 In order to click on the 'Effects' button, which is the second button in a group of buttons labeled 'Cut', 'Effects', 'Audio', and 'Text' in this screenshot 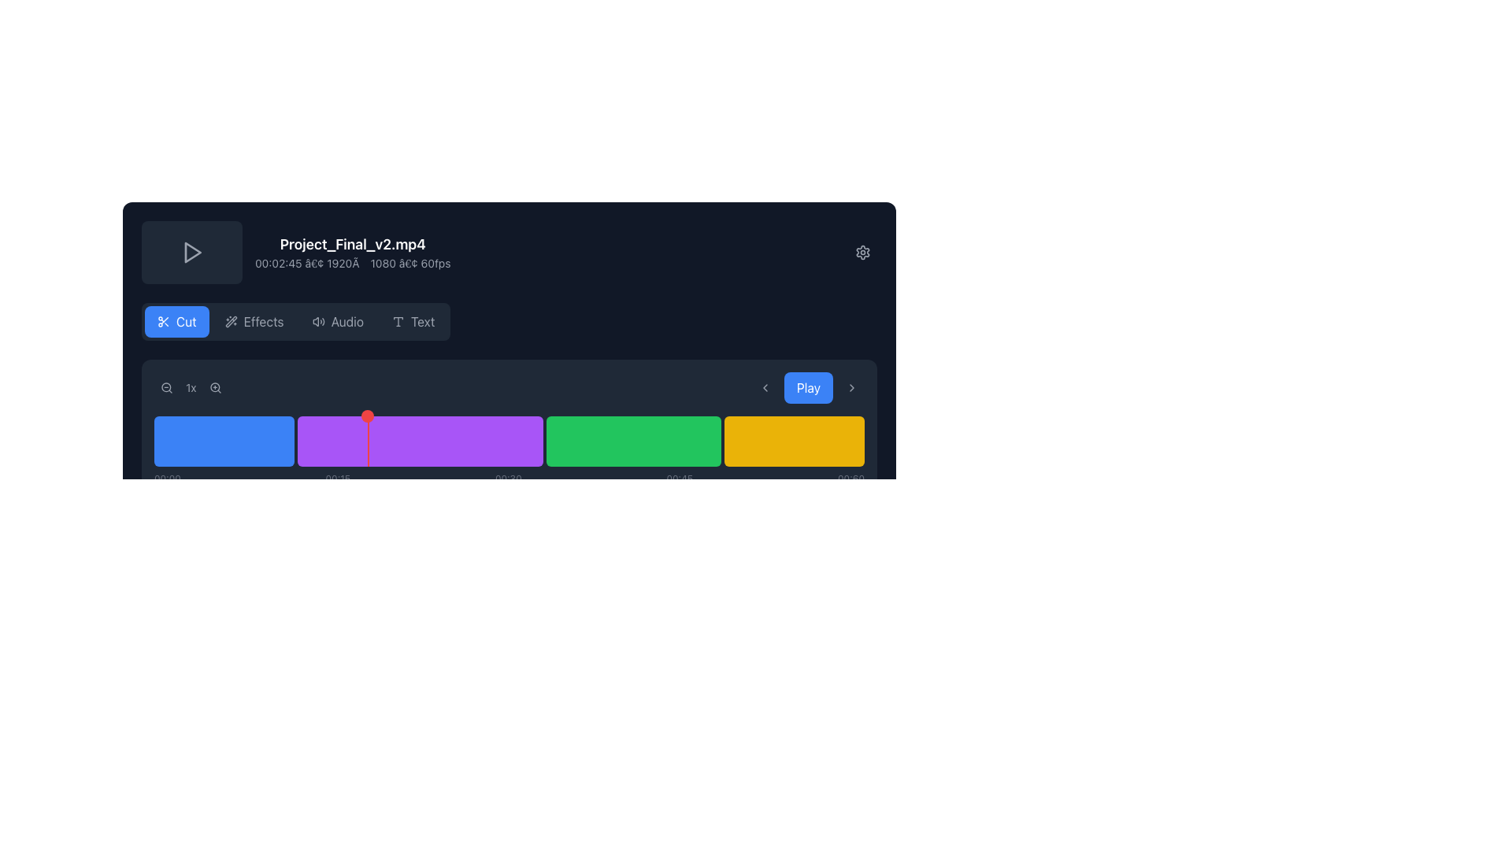, I will do `click(254, 320)`.